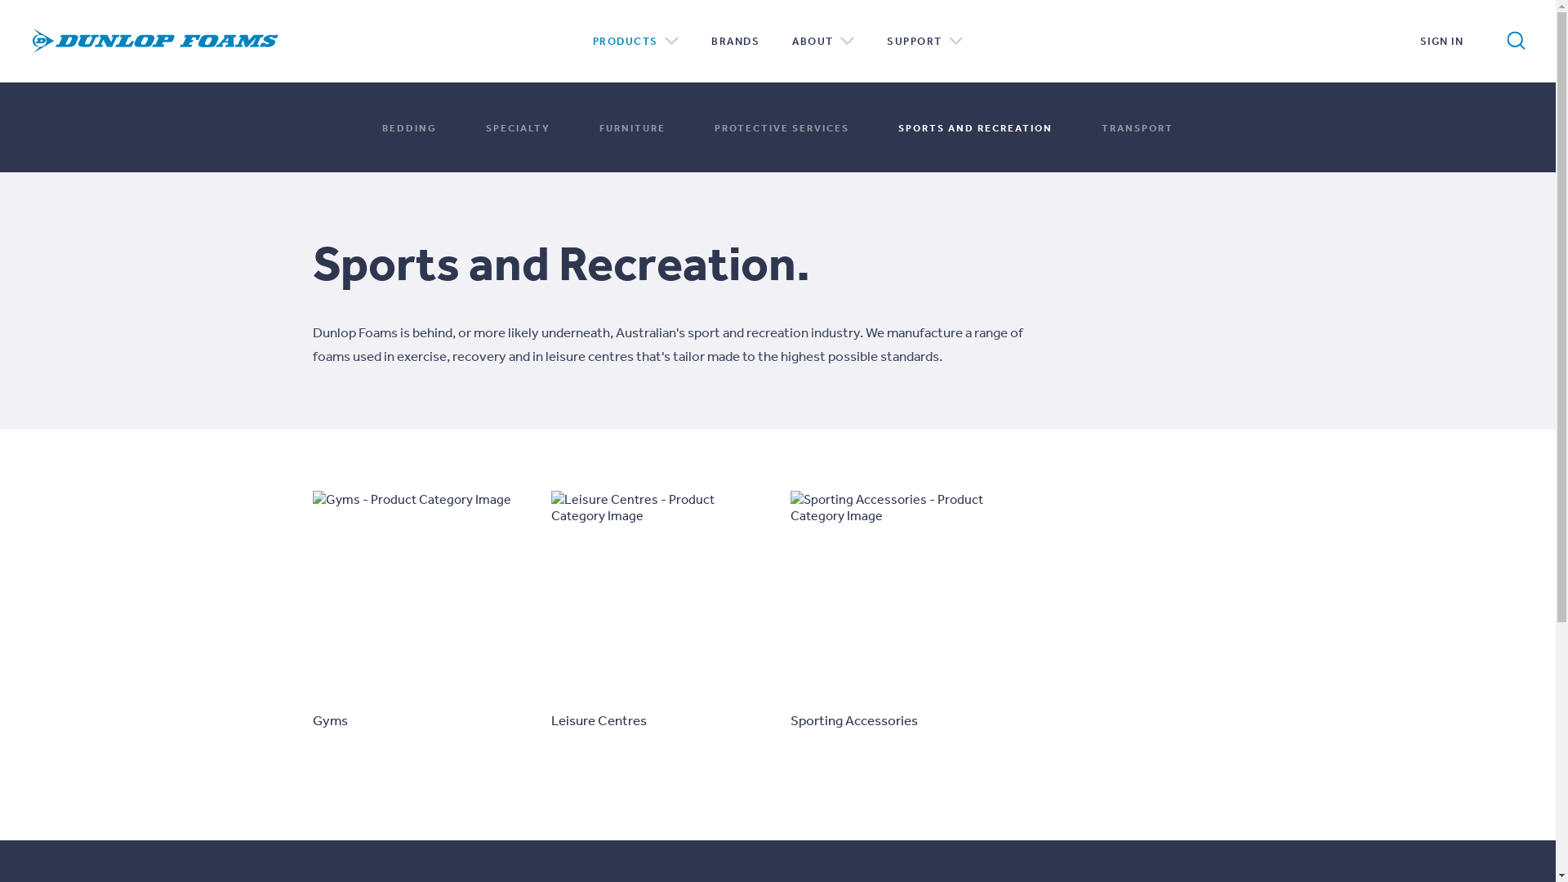  Describe the element at coordinates (1503, 40) in the screenshot. I see `'Search'` at that location.